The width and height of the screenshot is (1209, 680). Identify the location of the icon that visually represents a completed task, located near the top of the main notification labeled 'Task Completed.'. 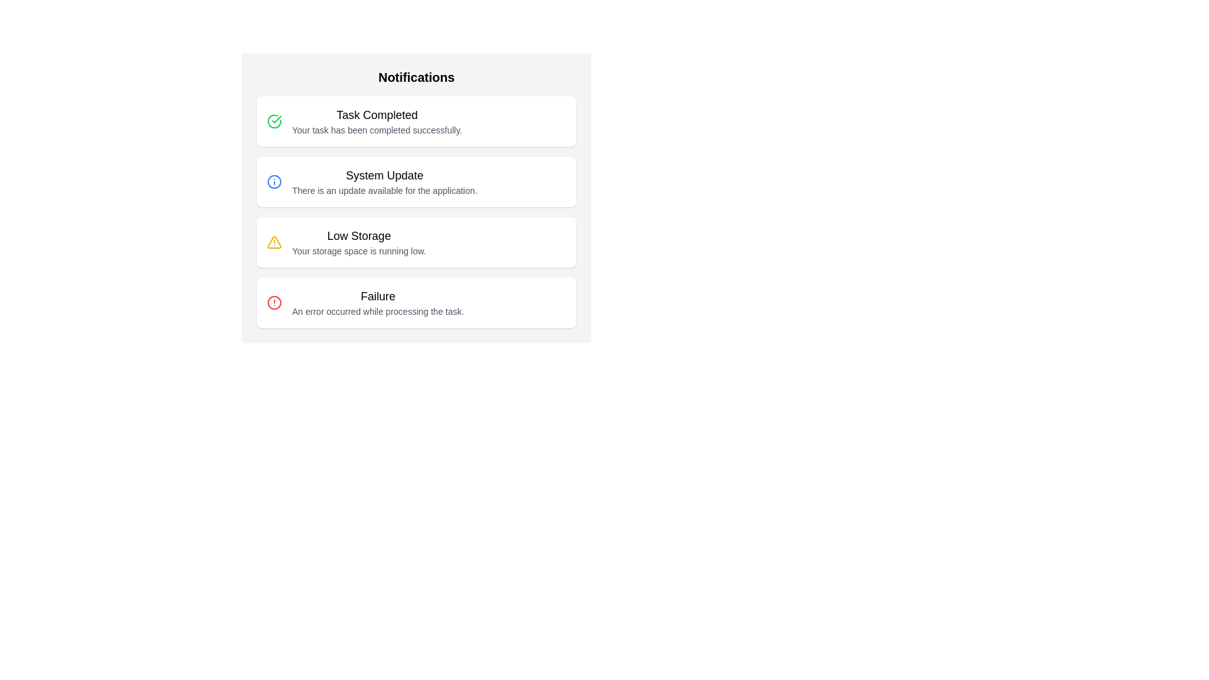
(276, 119).